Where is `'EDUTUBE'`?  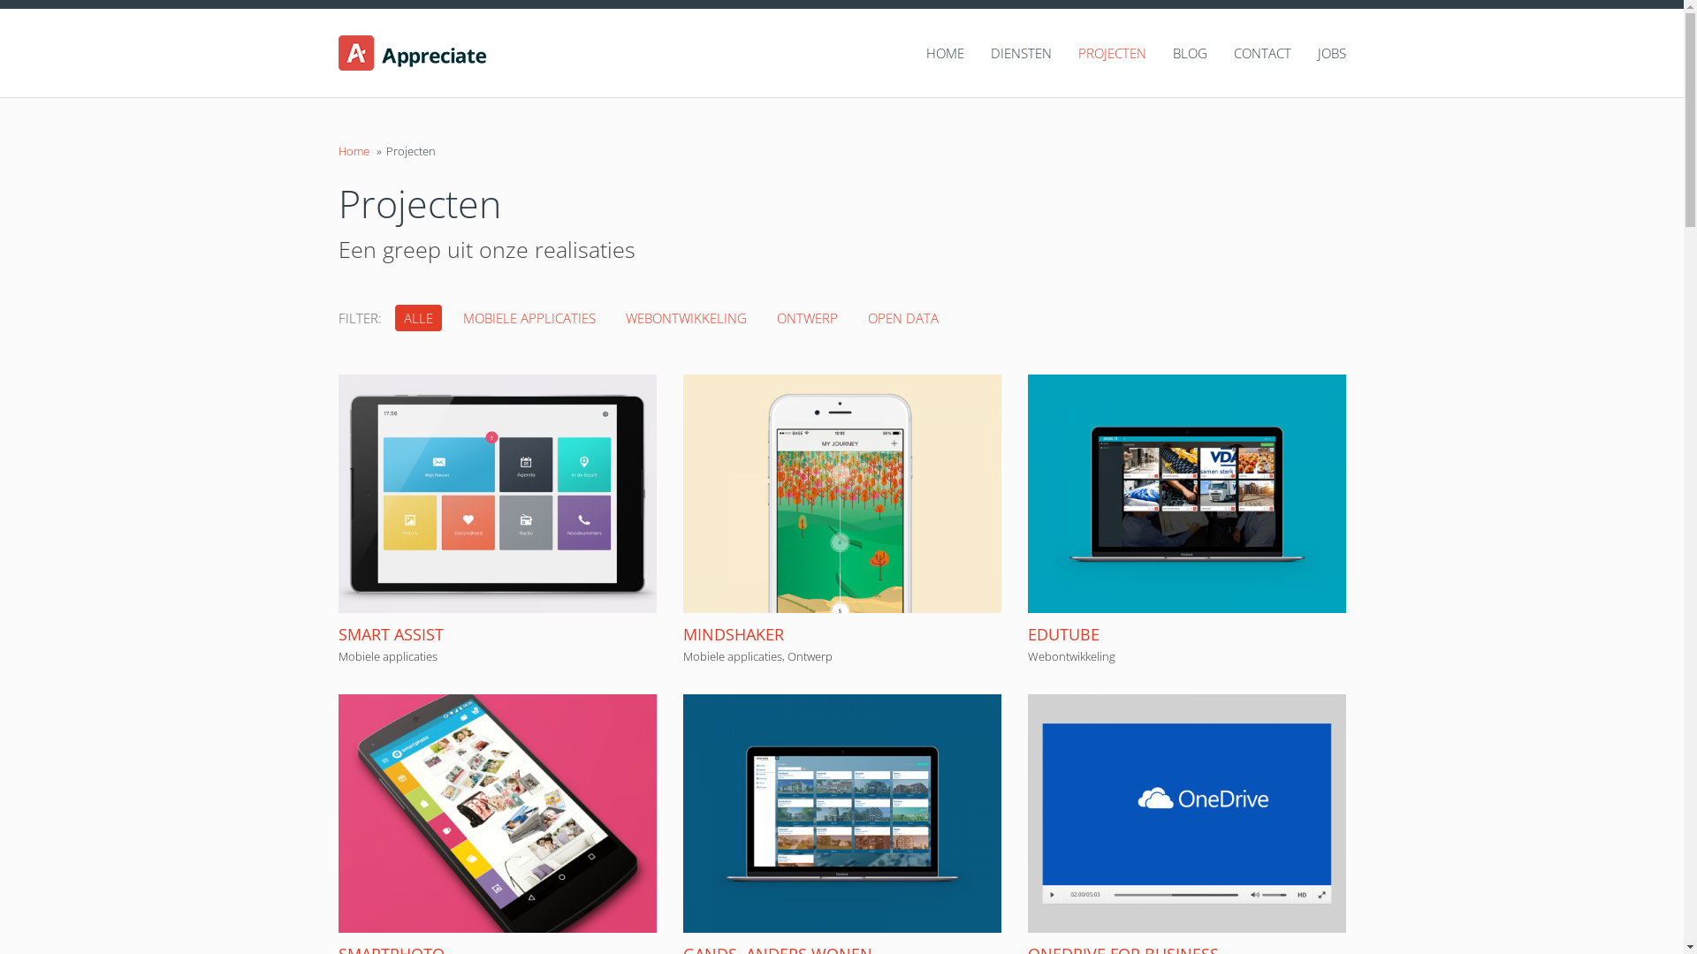 'EDUTUBE' is located at coordinates (1062, 632).